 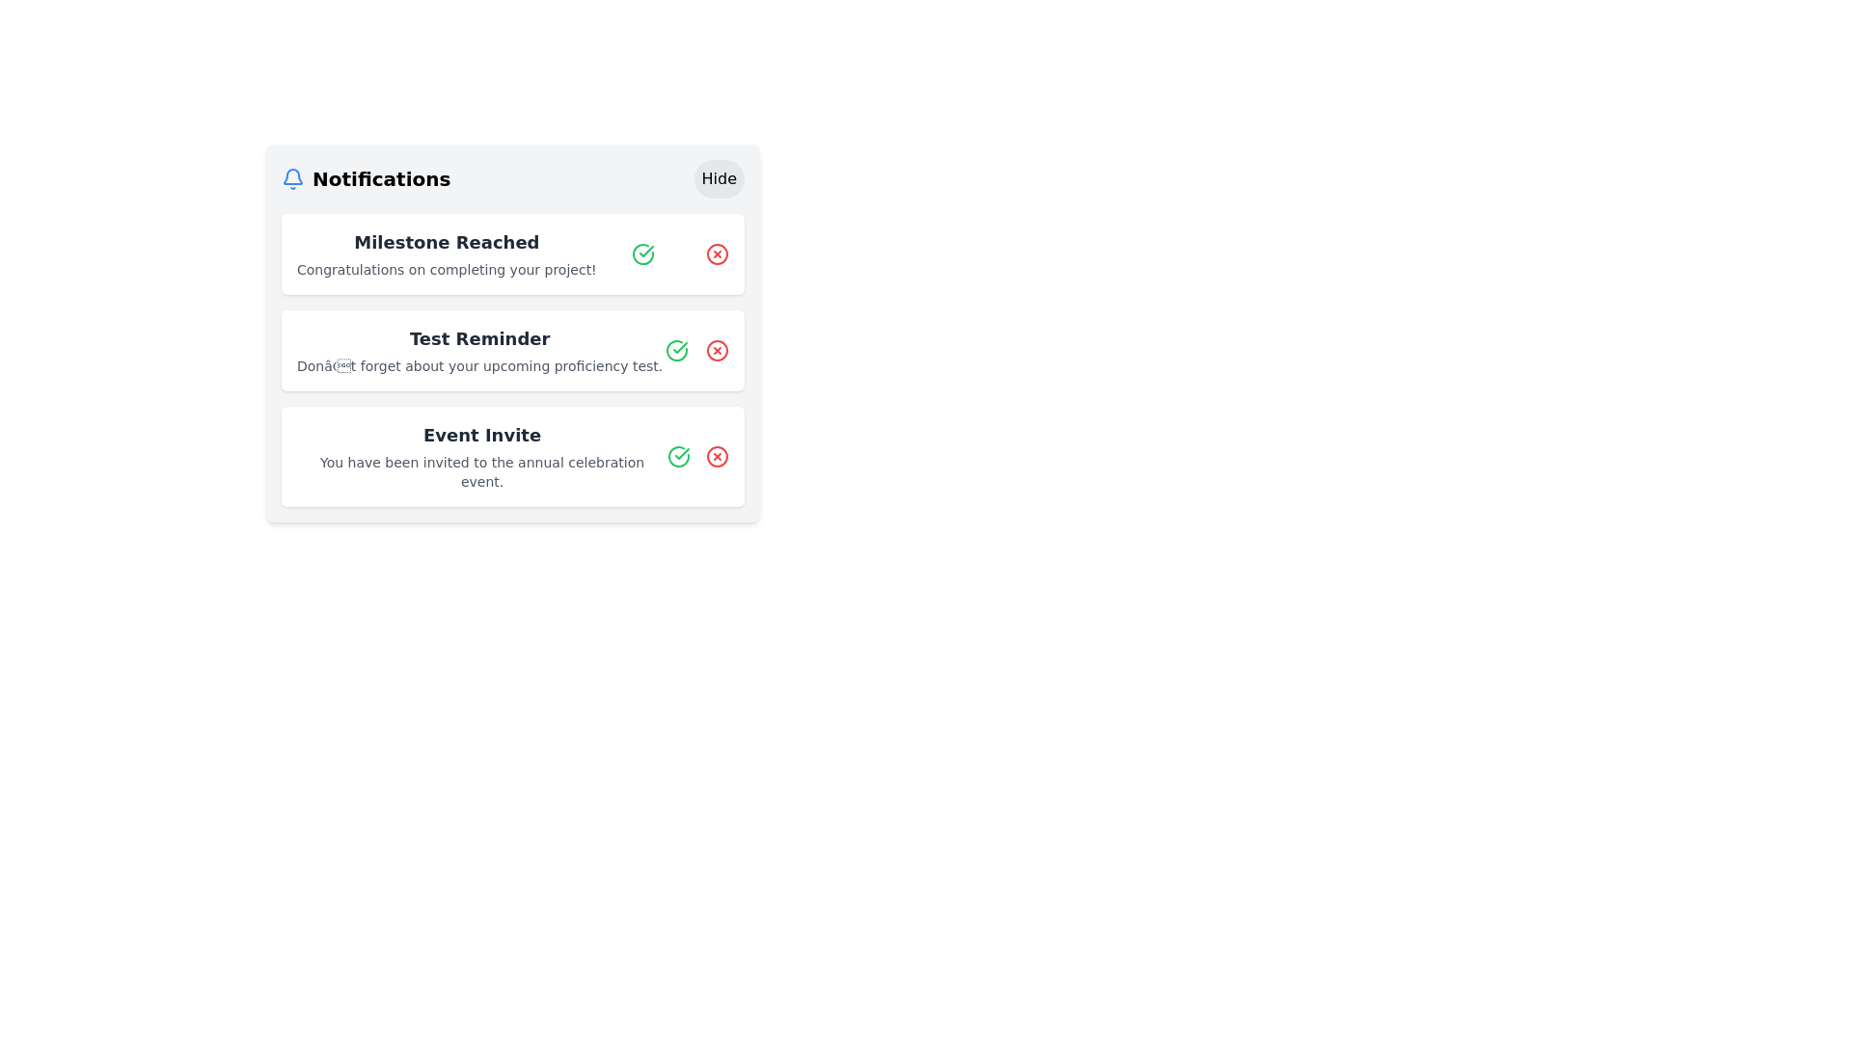 I want to click on the circular red close button with a white cross located in the notifications section, aligned with the 'Event Invite' notification, so click(x=717, y=457).